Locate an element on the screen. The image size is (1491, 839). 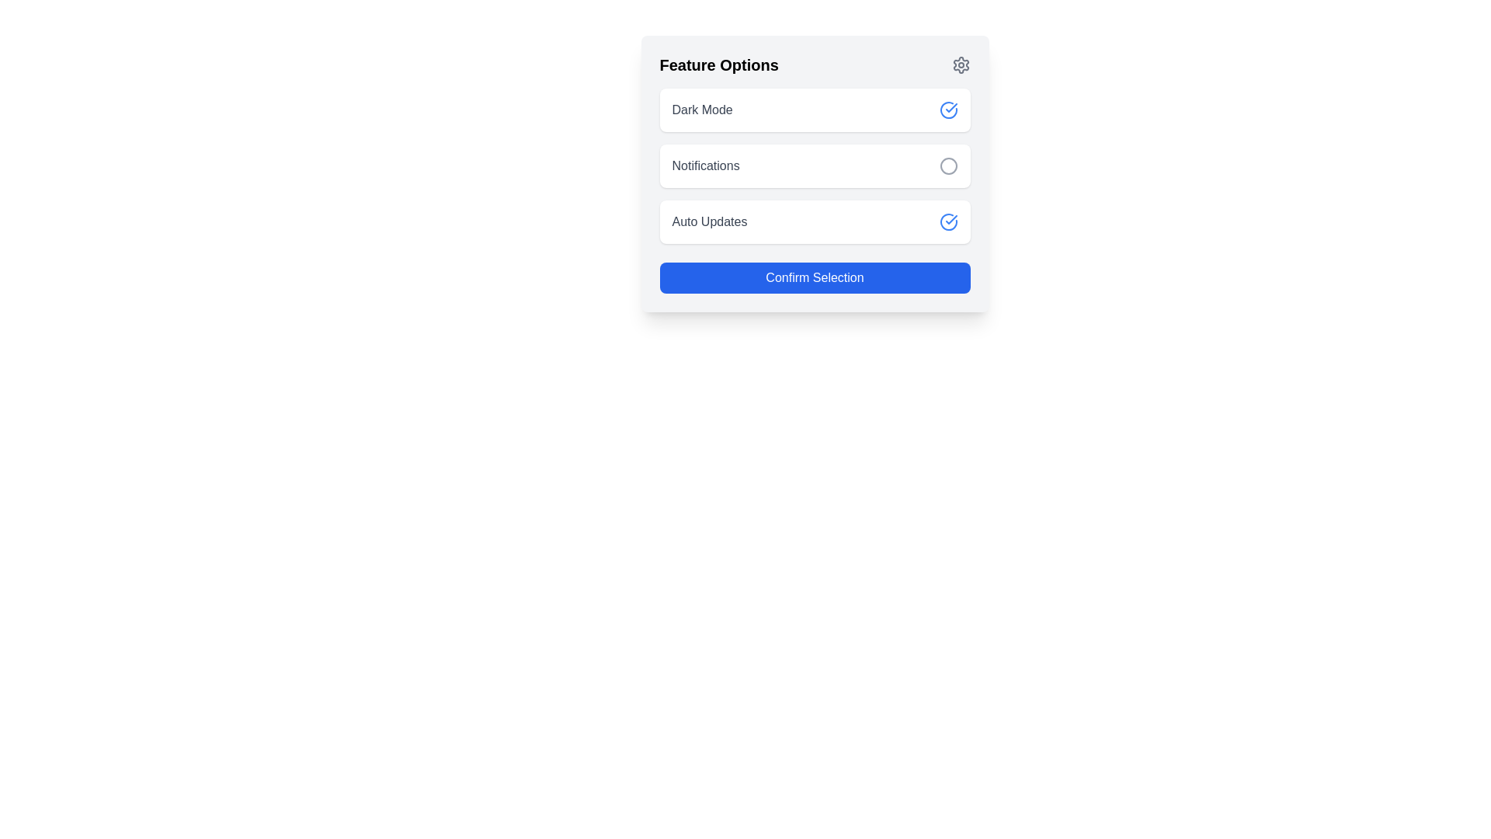
the 'Notifications' option box with a hollow gray circular indicator is located at coordinates (814, 165).